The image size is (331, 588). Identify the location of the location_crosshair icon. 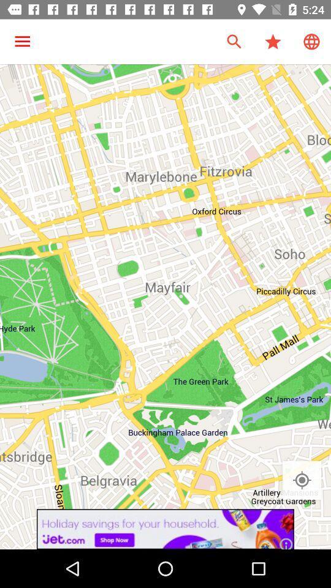
(301, 480).